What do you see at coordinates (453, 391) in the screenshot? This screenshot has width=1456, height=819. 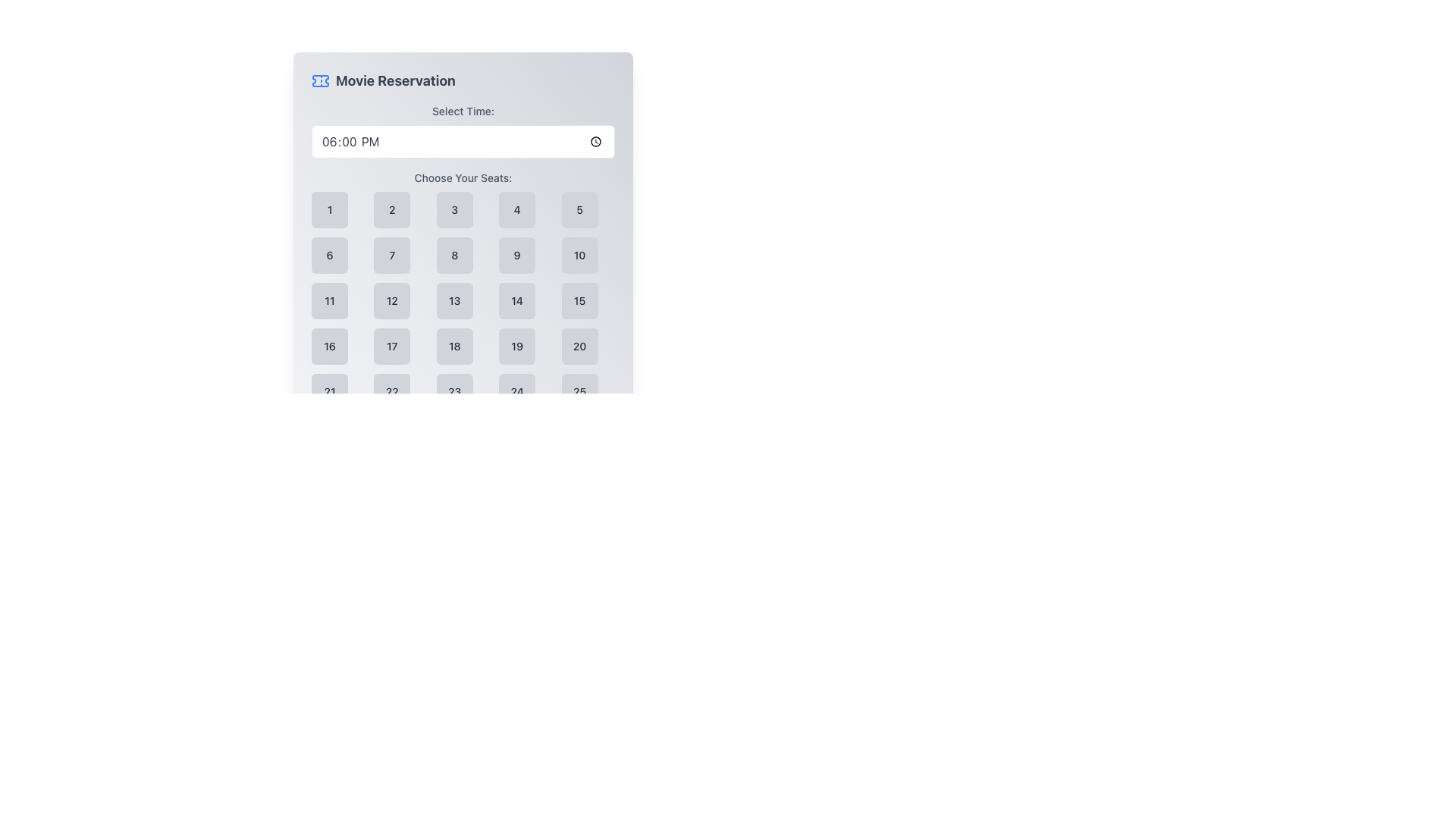 I see `the square-shaped button with bold text '23' in the 'Choose Your Seats' grid` at bounding box center [453, 391].